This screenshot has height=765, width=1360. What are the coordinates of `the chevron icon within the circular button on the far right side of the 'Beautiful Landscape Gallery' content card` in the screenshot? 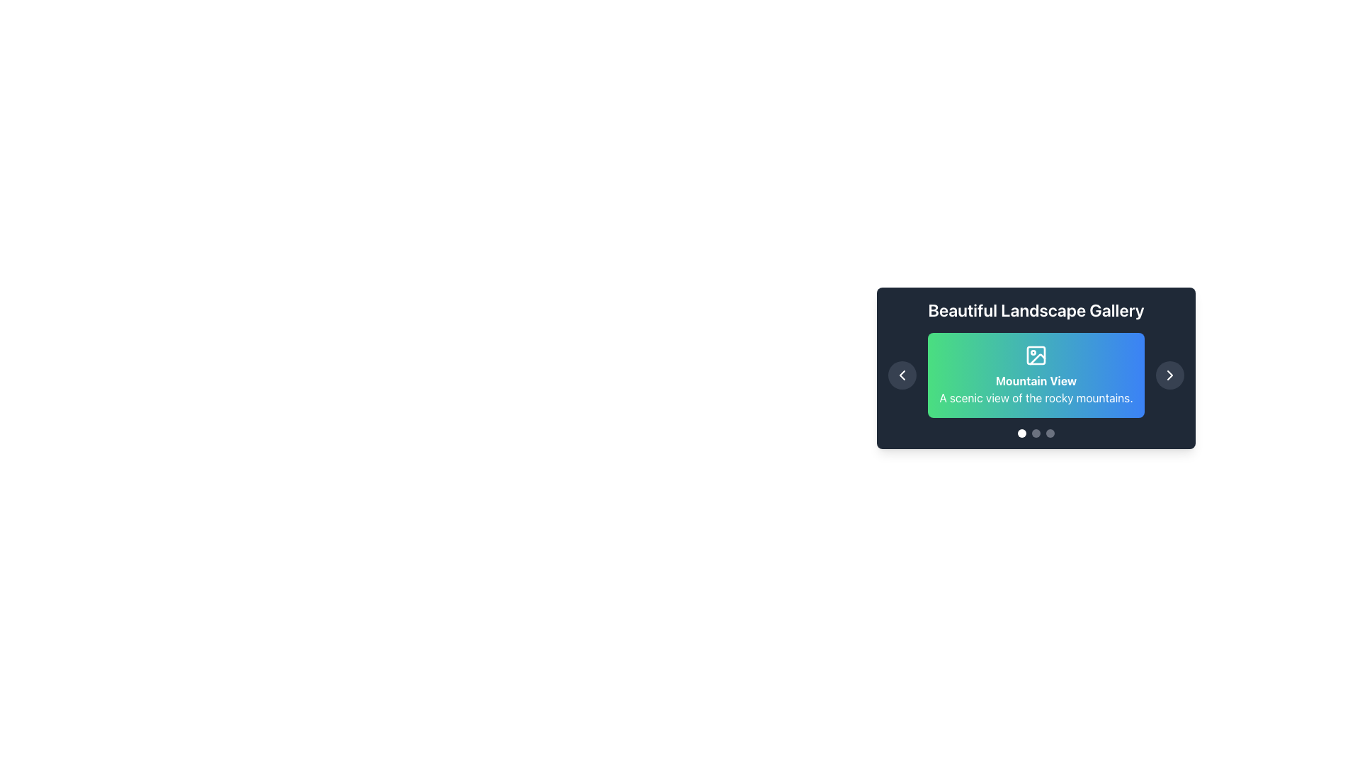 It's located at (1169, 374).